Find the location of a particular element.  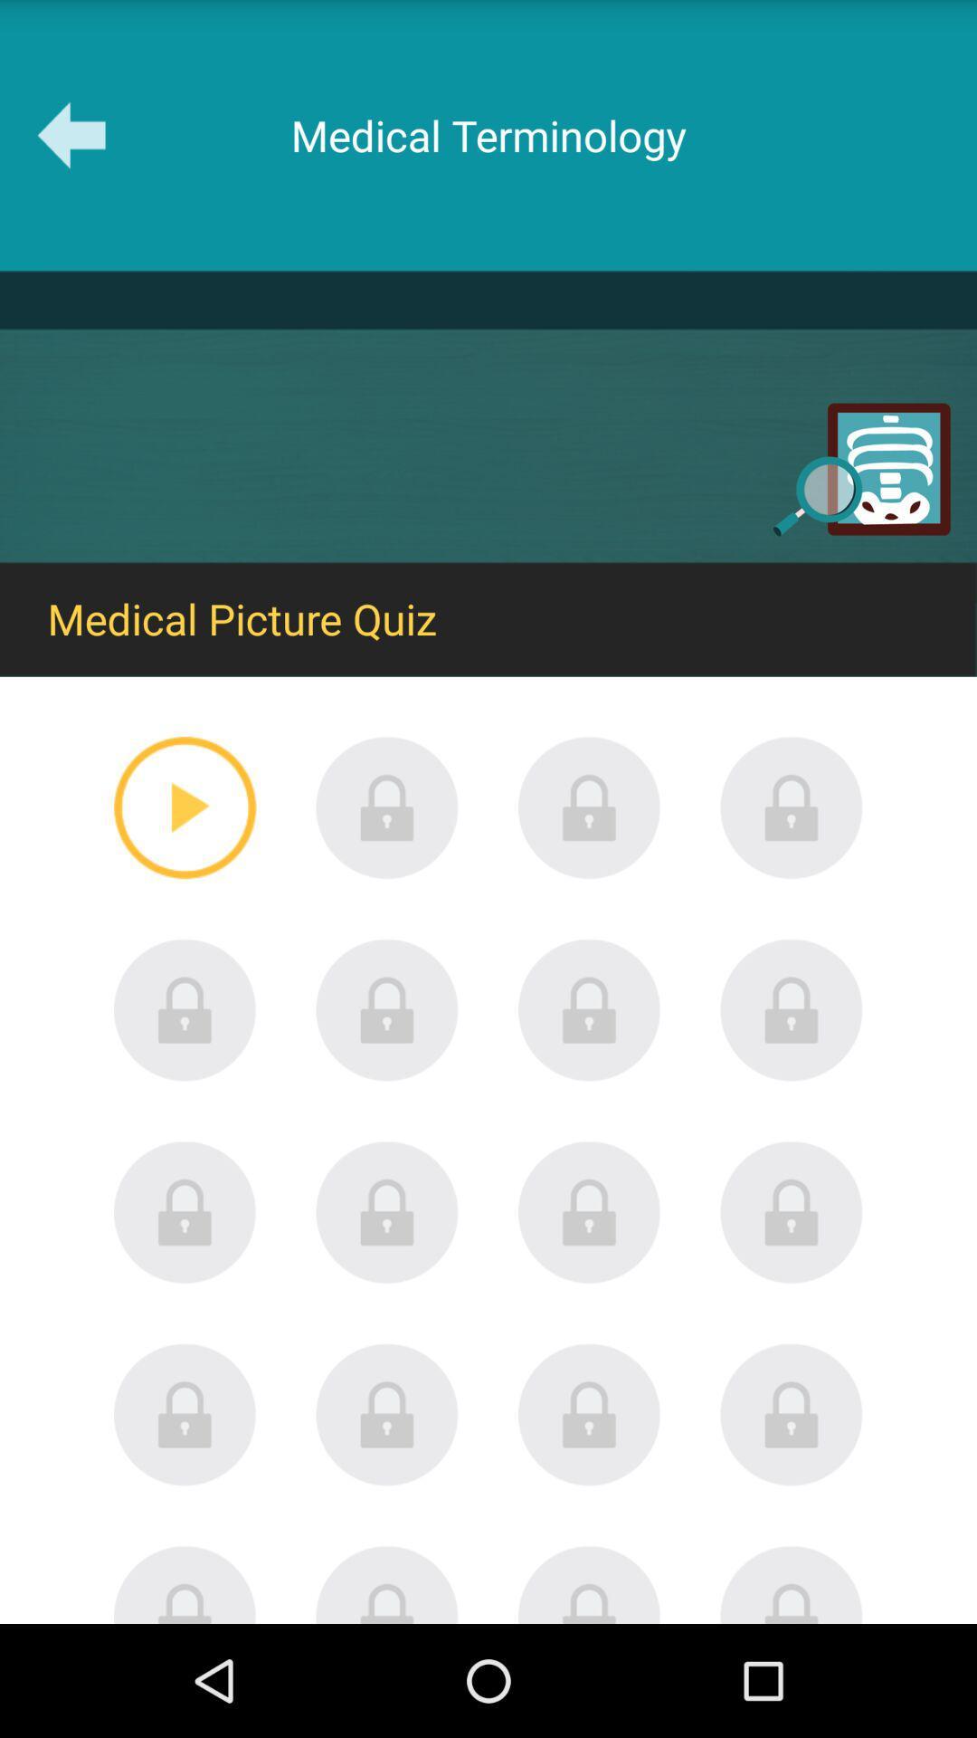

the second symbol in the second row from left is located at coordinates (386, 1008).